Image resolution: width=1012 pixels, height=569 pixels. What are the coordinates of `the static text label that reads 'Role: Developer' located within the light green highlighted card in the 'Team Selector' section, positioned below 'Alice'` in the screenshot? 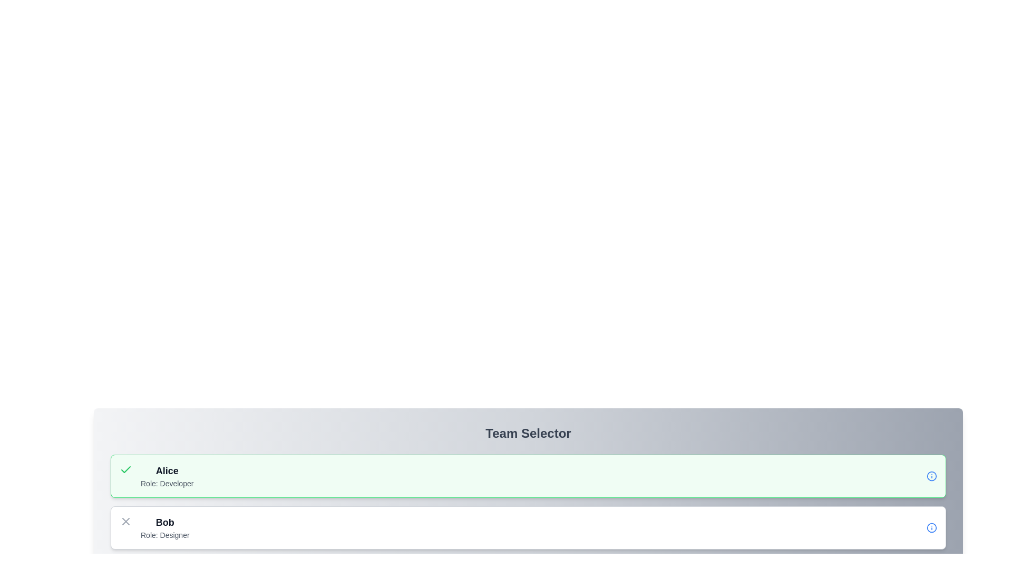 It's located at (167, 484).